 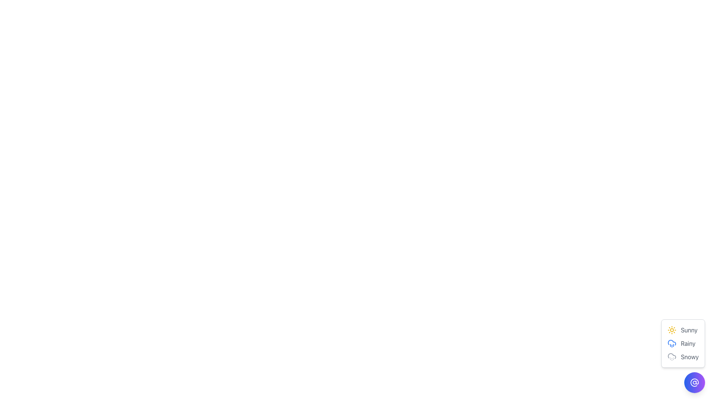 I want to click on the cloud icon with snow, which is the third item in the weather widget stack, located next to the 'Snowy' label, so click(x=672, y=357).